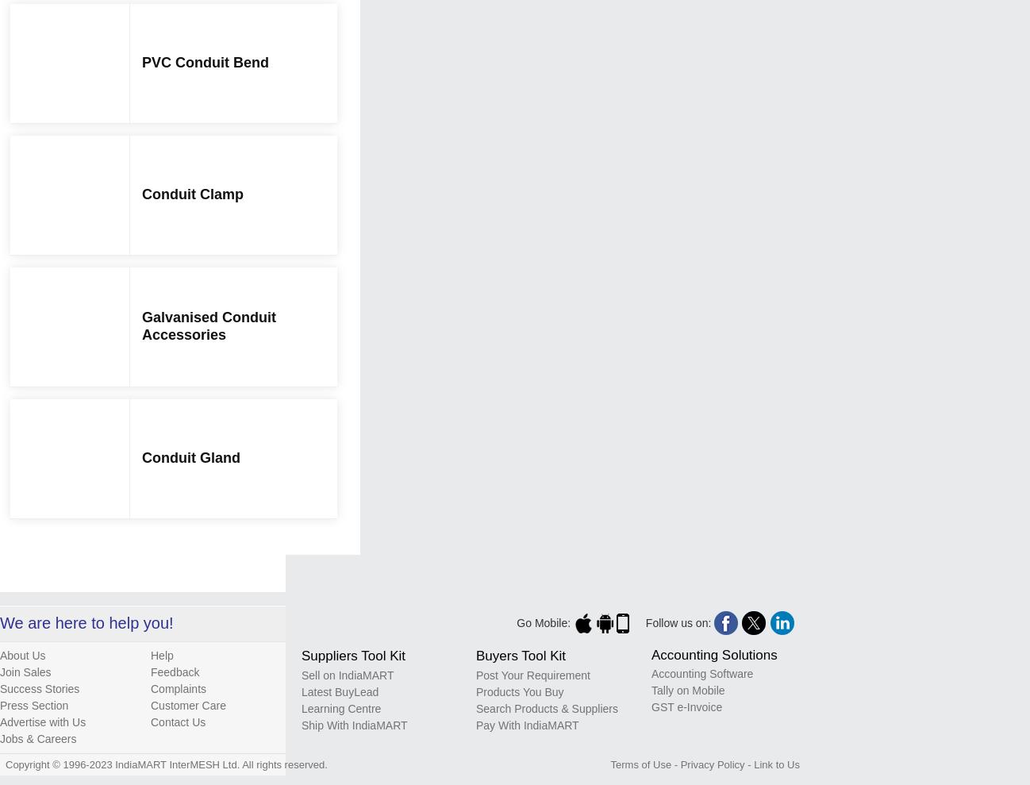  Describe the element at coordinates (5, 764) in the screenshot. I see `'Copyright ©
                1996-2023 IndiaMART InterMESH Ltd. All rights reserved.'` at that location.